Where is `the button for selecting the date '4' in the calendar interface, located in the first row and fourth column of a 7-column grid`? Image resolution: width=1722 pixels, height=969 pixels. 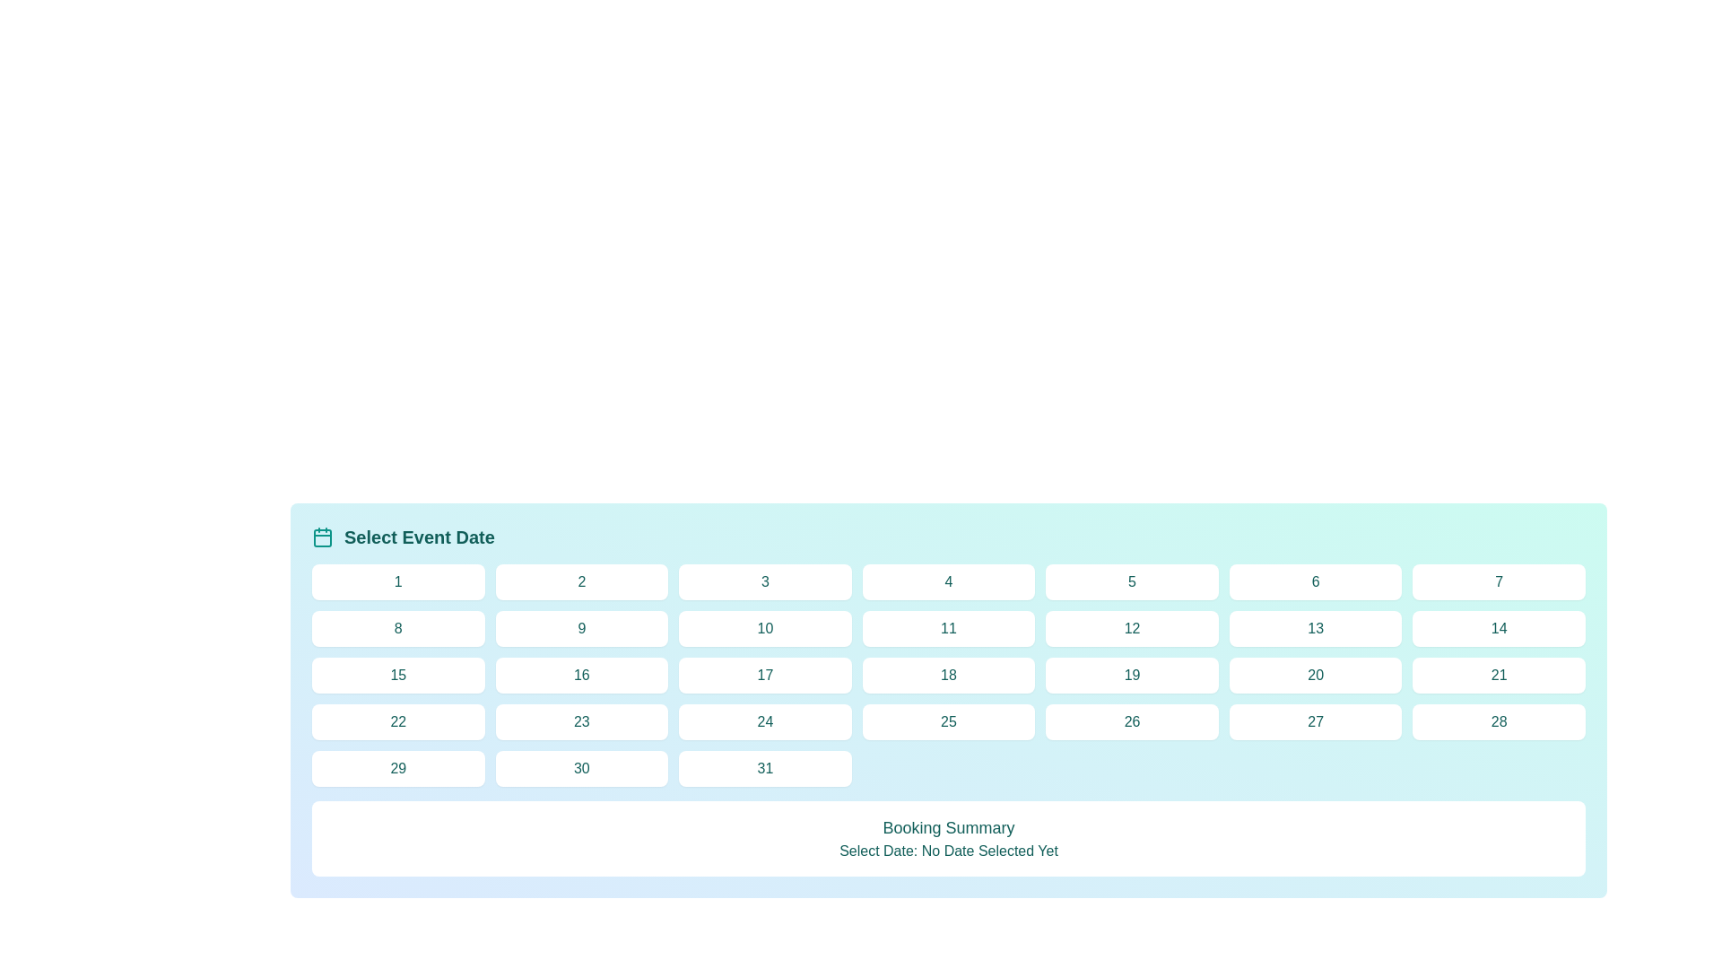 the button for selecting the date '4' in the calendar interface, located in the first row and fourth column of a 7-column grid is located at coordinates (947, 581).